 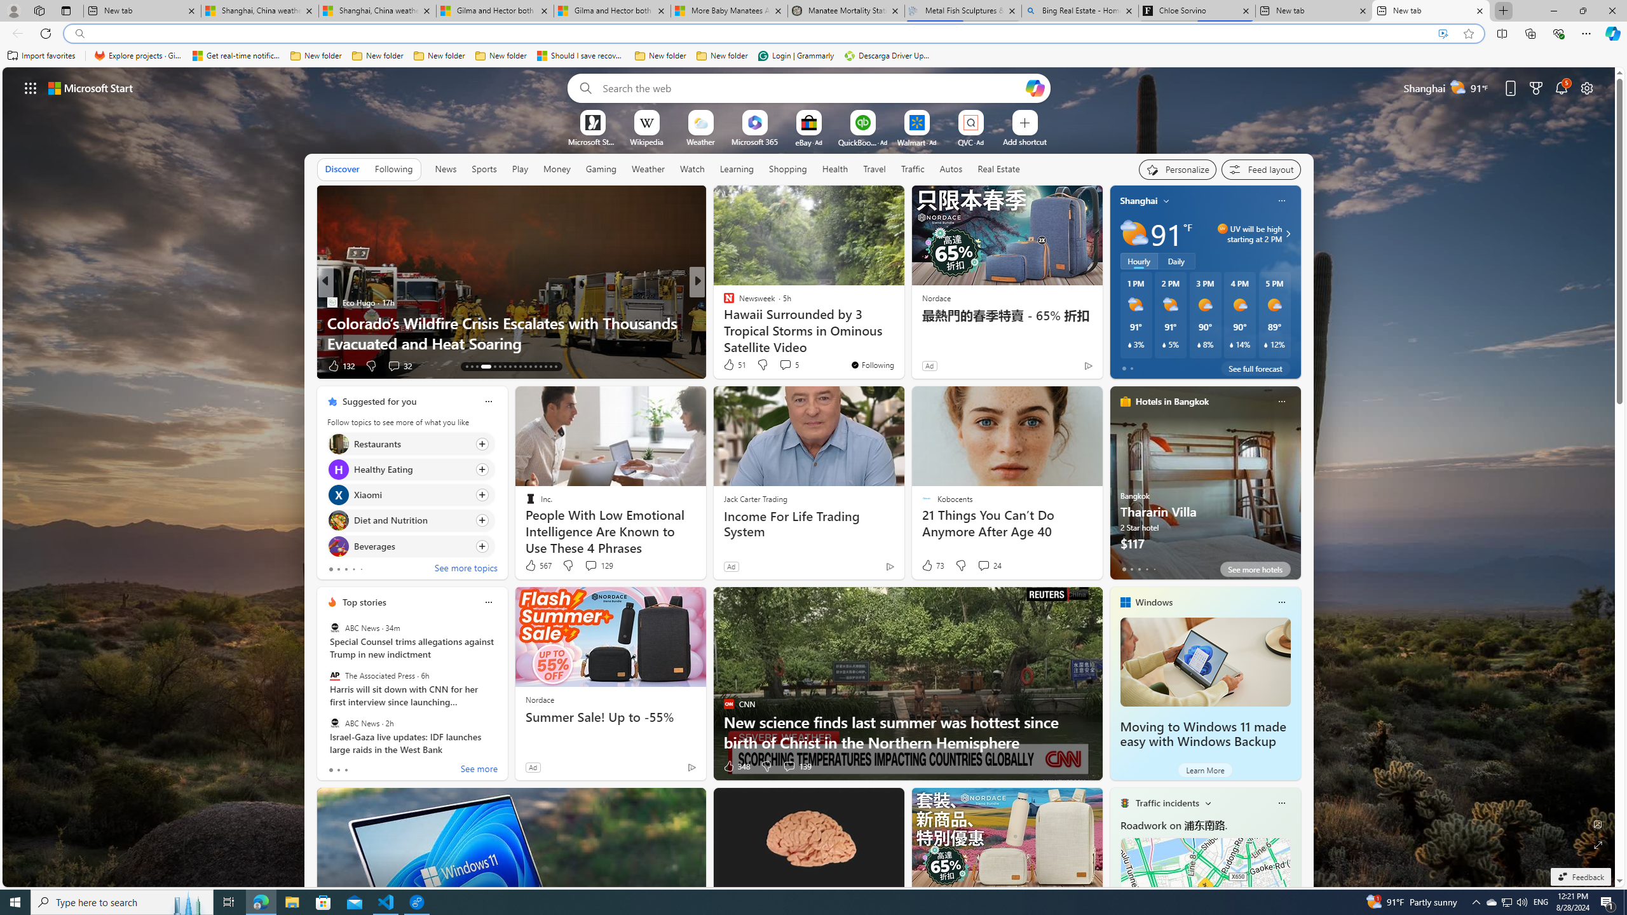 I want to click on 'Class: icon-img', so click(x=1281, y=803).